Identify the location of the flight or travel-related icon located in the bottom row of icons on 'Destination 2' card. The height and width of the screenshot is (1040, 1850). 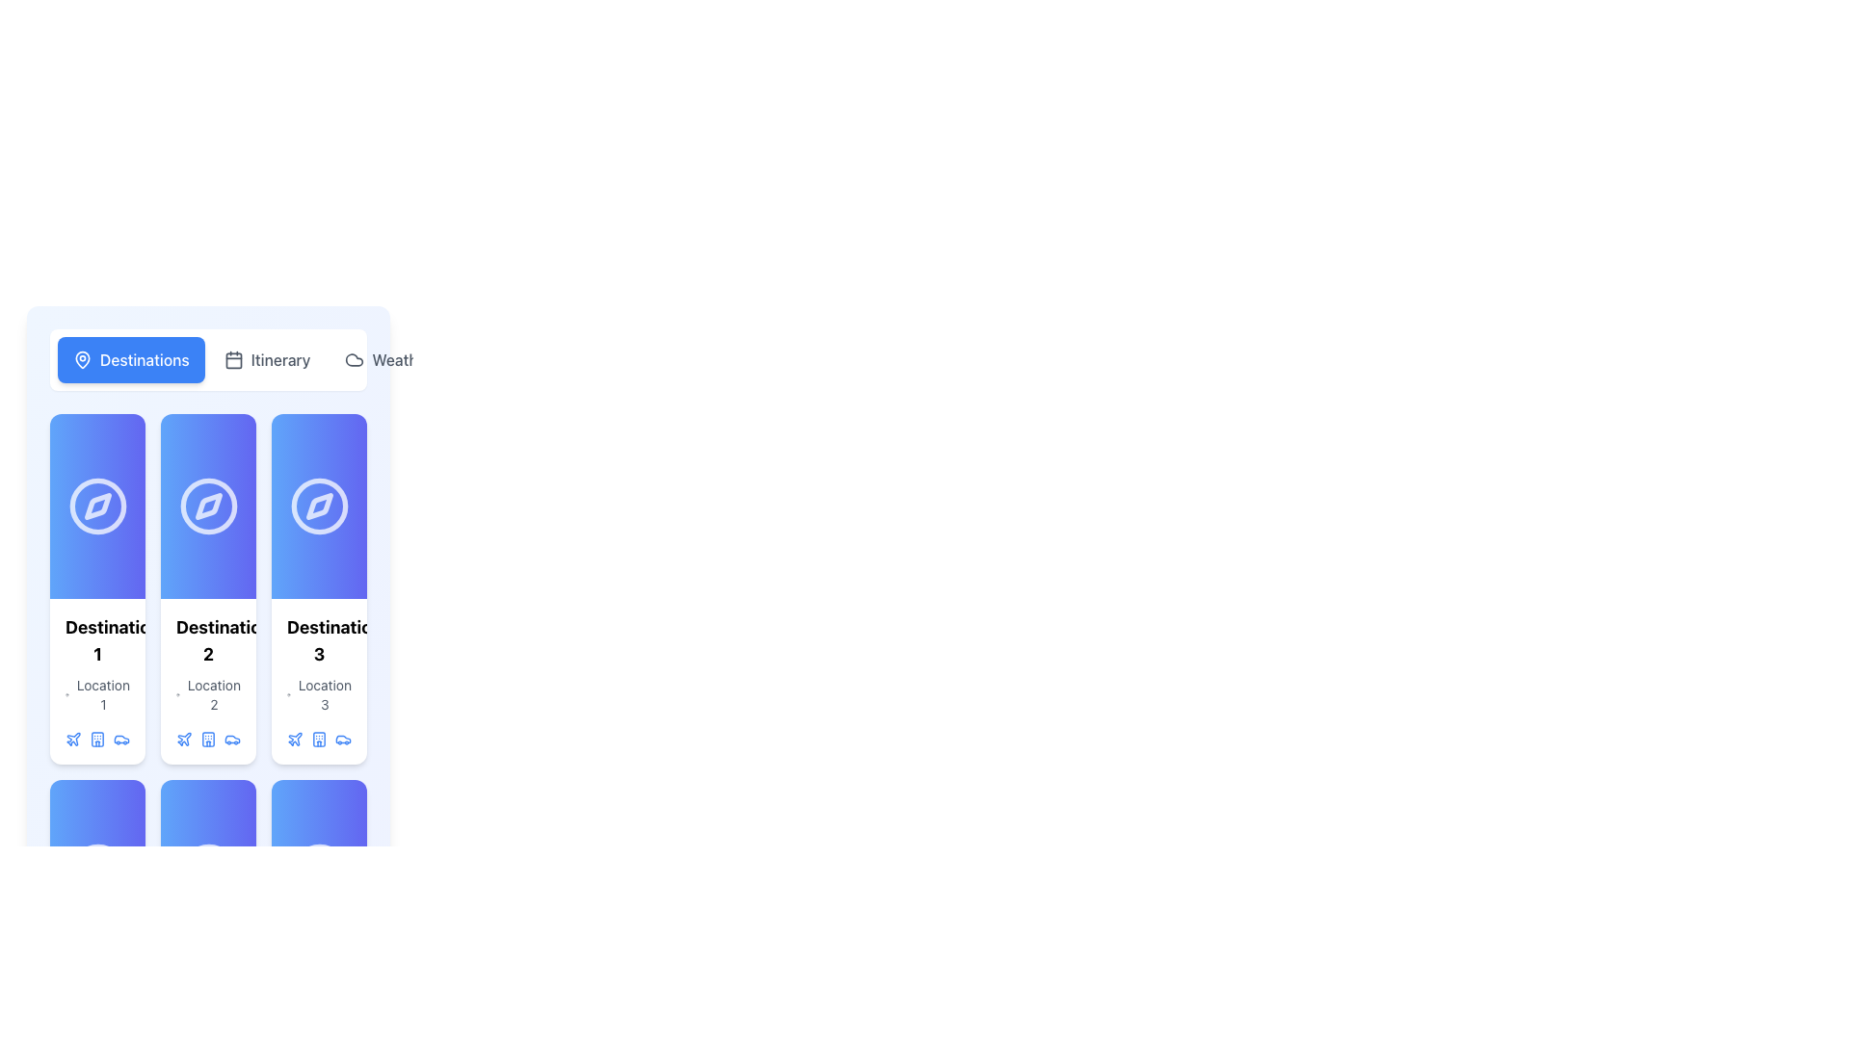
(184, 738).